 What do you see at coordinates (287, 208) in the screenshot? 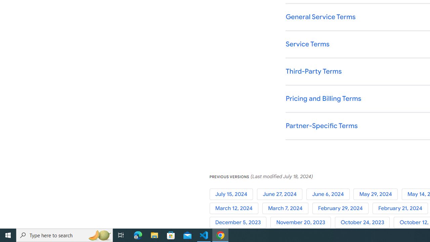
I see `'March 7, 2024'` at bounding box center [287, 208].